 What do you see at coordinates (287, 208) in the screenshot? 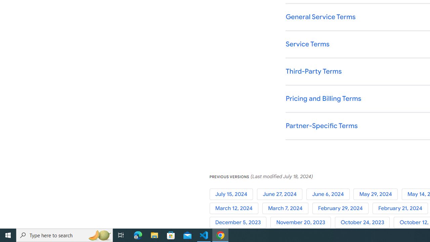
I see `'March 7, 2024'` at bounding box center [287, 208].